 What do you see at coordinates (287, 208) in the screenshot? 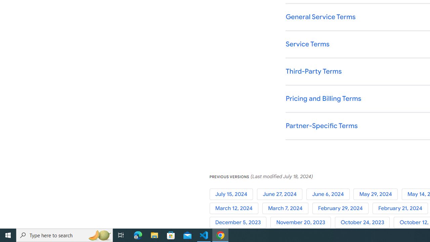
I see `'March 7, 2024'` at bounding box center [287, 208].